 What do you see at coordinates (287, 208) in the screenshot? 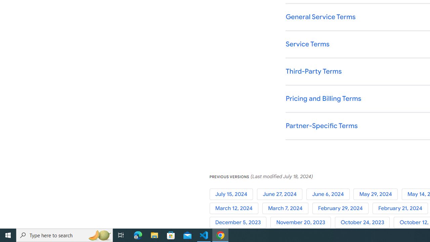
I see `'March 7, 2024'` at bounding box center [287, 208].